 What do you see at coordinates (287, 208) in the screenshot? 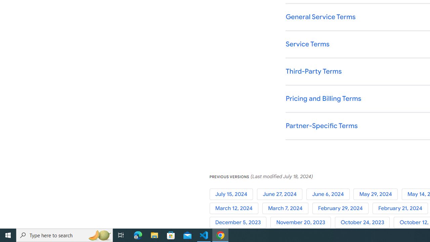
I see `'March 7, 2024'` at bounding box center [287, 208].